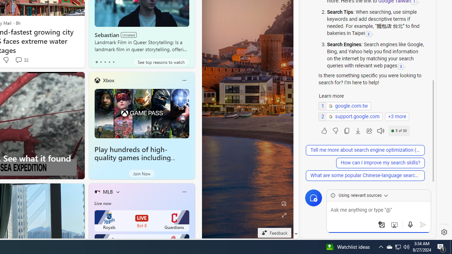  What do you see at coordinates (18, 59) in the screenshot?
I see `'View comments 32 Comment'` at bounding box center [18, 59].